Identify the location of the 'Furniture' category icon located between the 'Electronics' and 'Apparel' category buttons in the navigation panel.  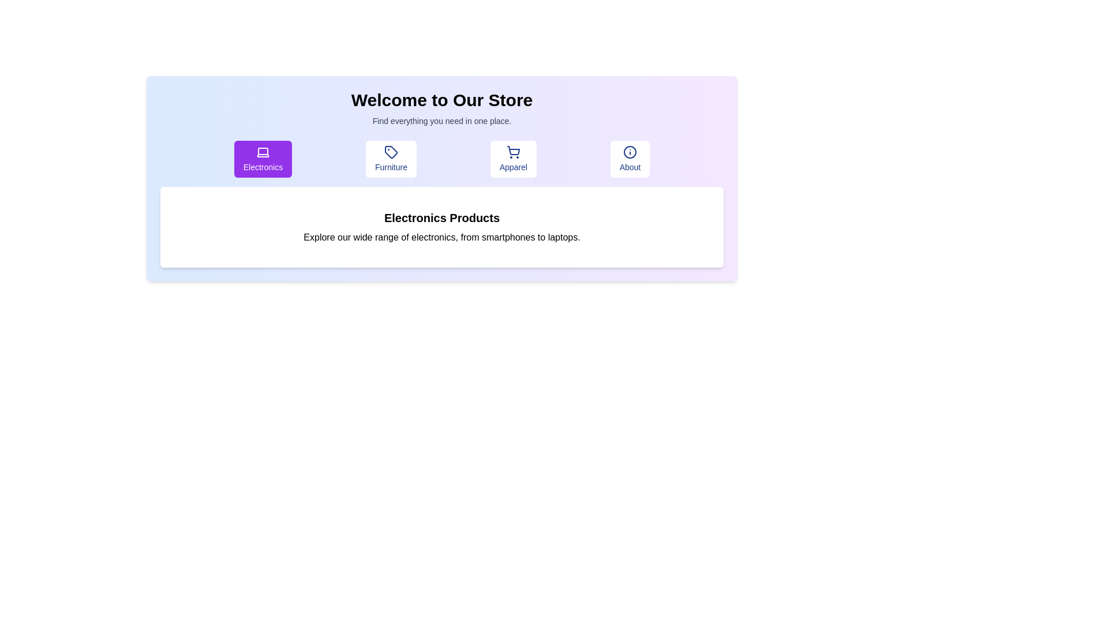
(391, 151).